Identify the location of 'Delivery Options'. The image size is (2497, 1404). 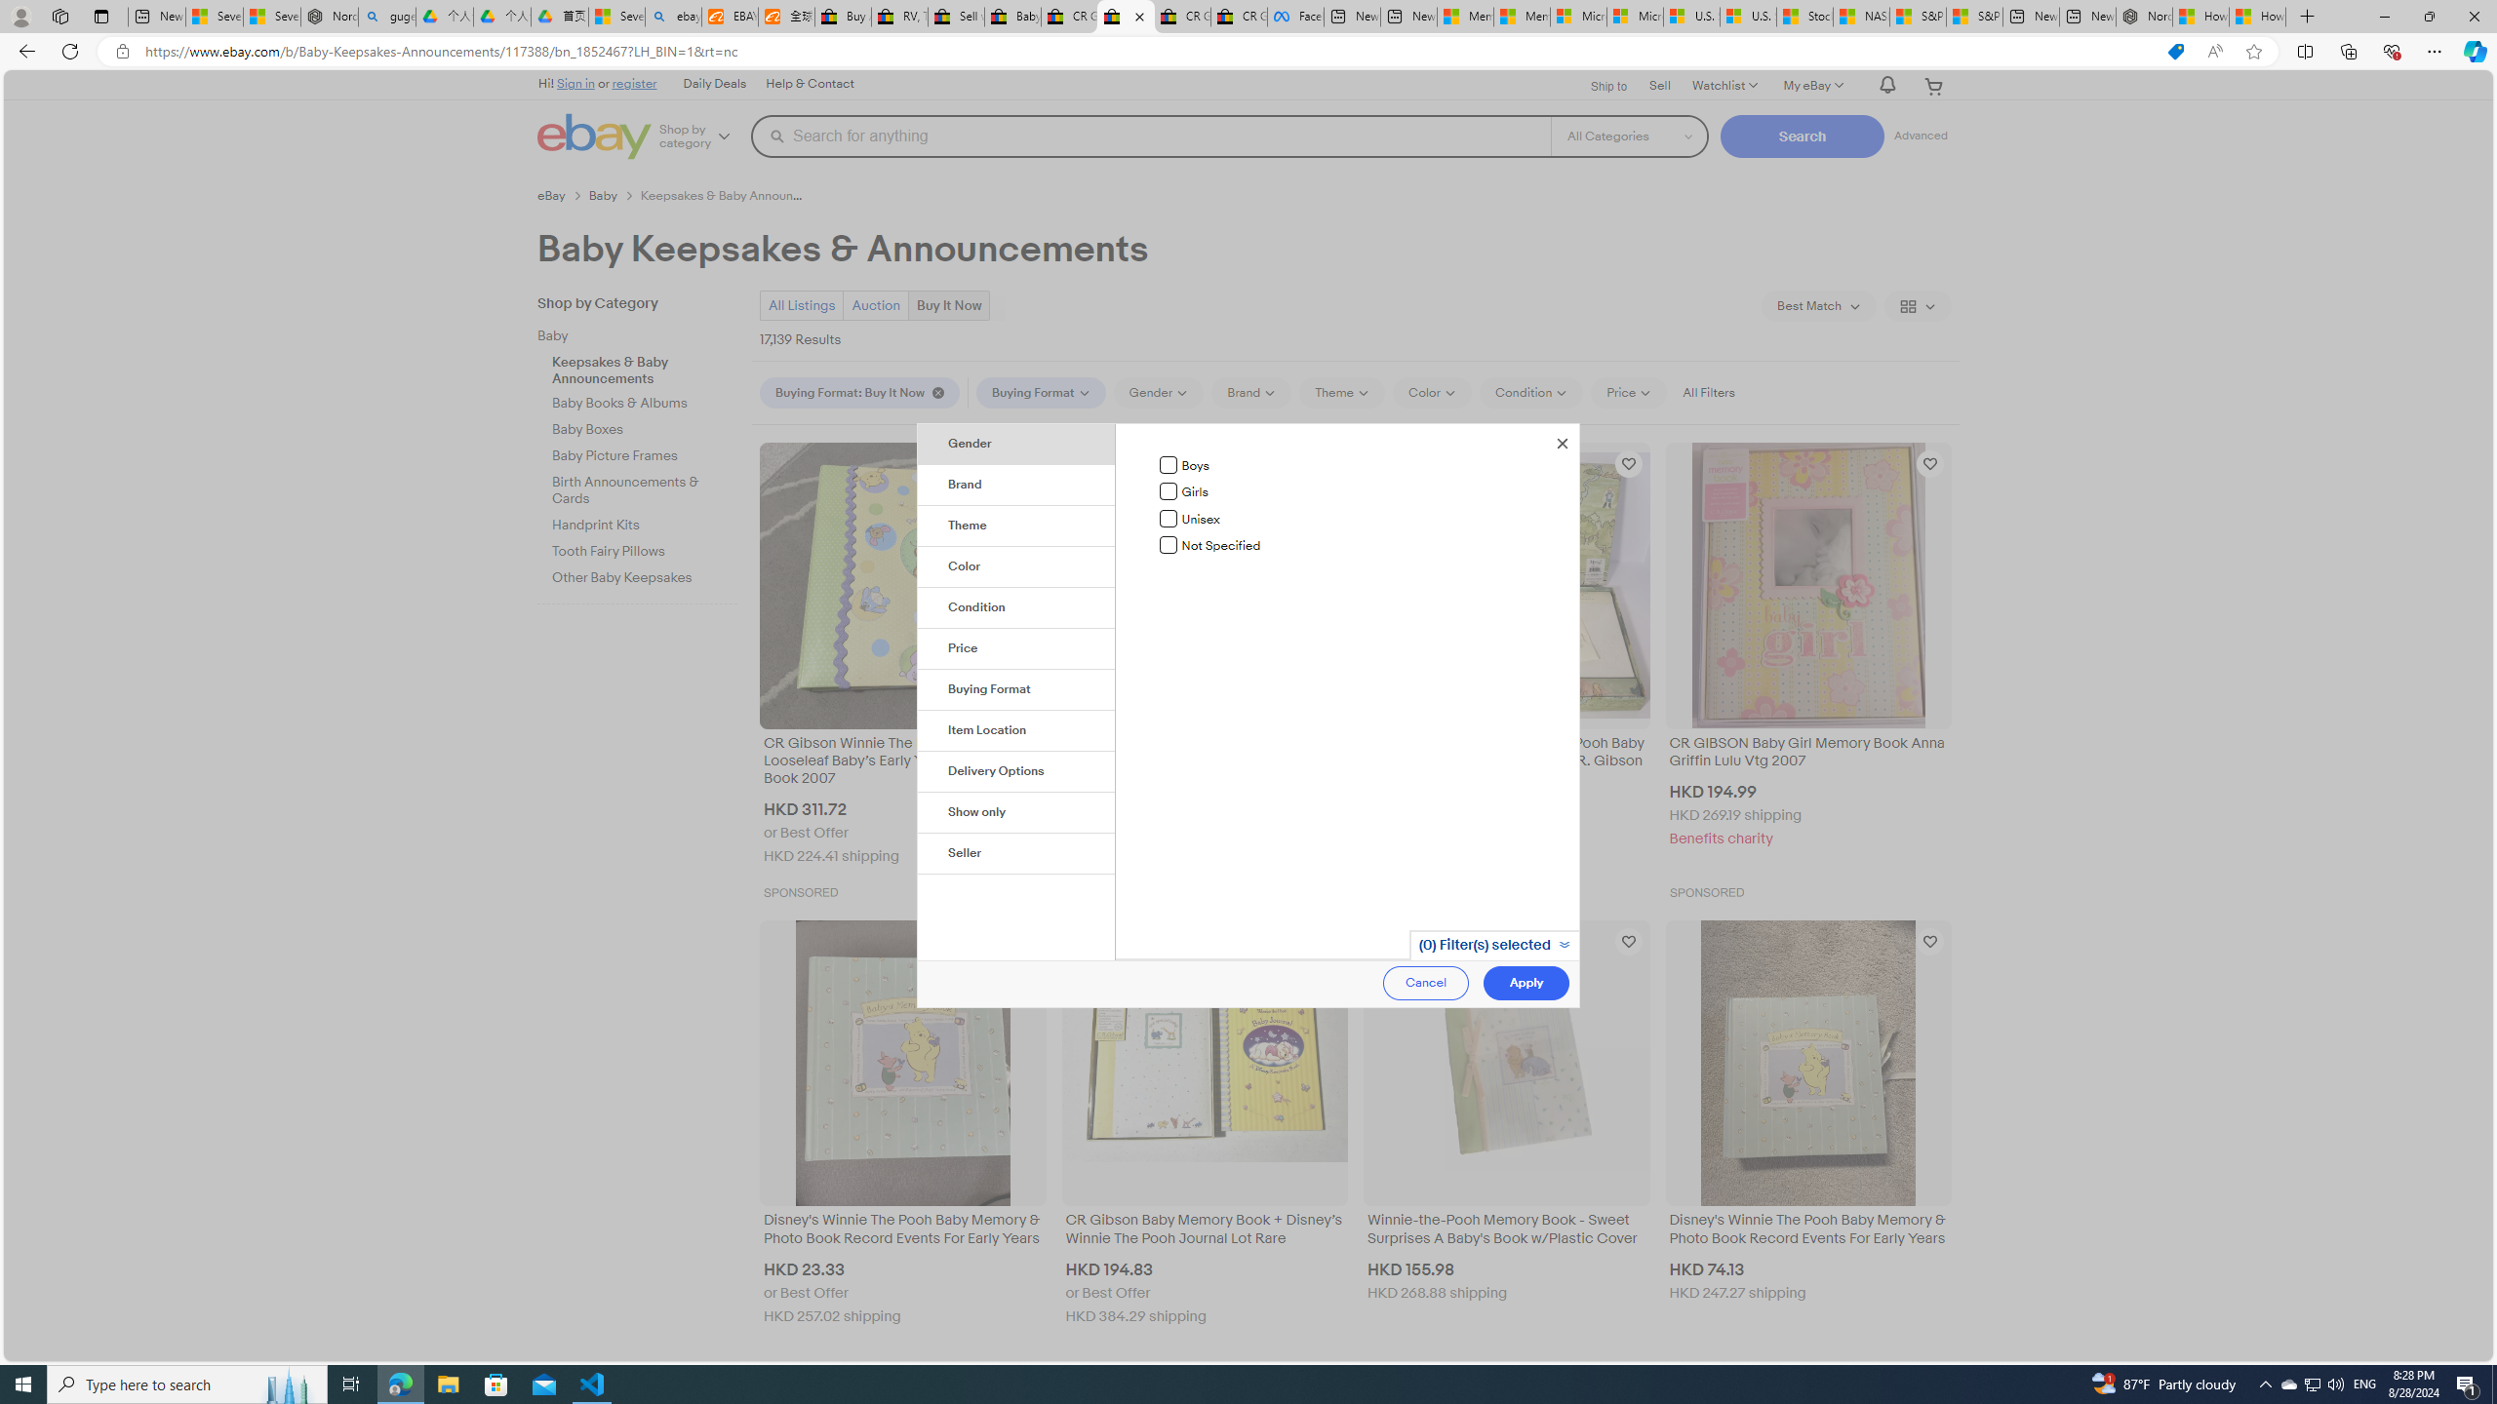
(1017, 772).